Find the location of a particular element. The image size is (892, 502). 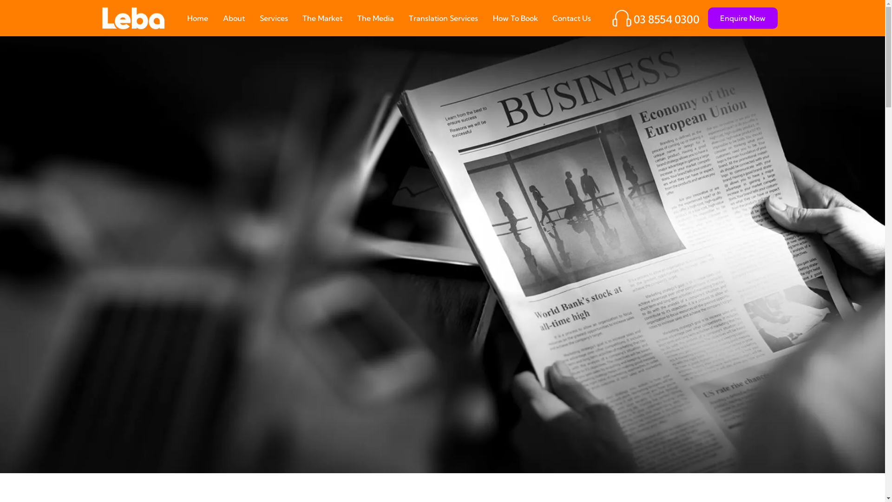

'How To Book' is located at coordinates (515, 18).